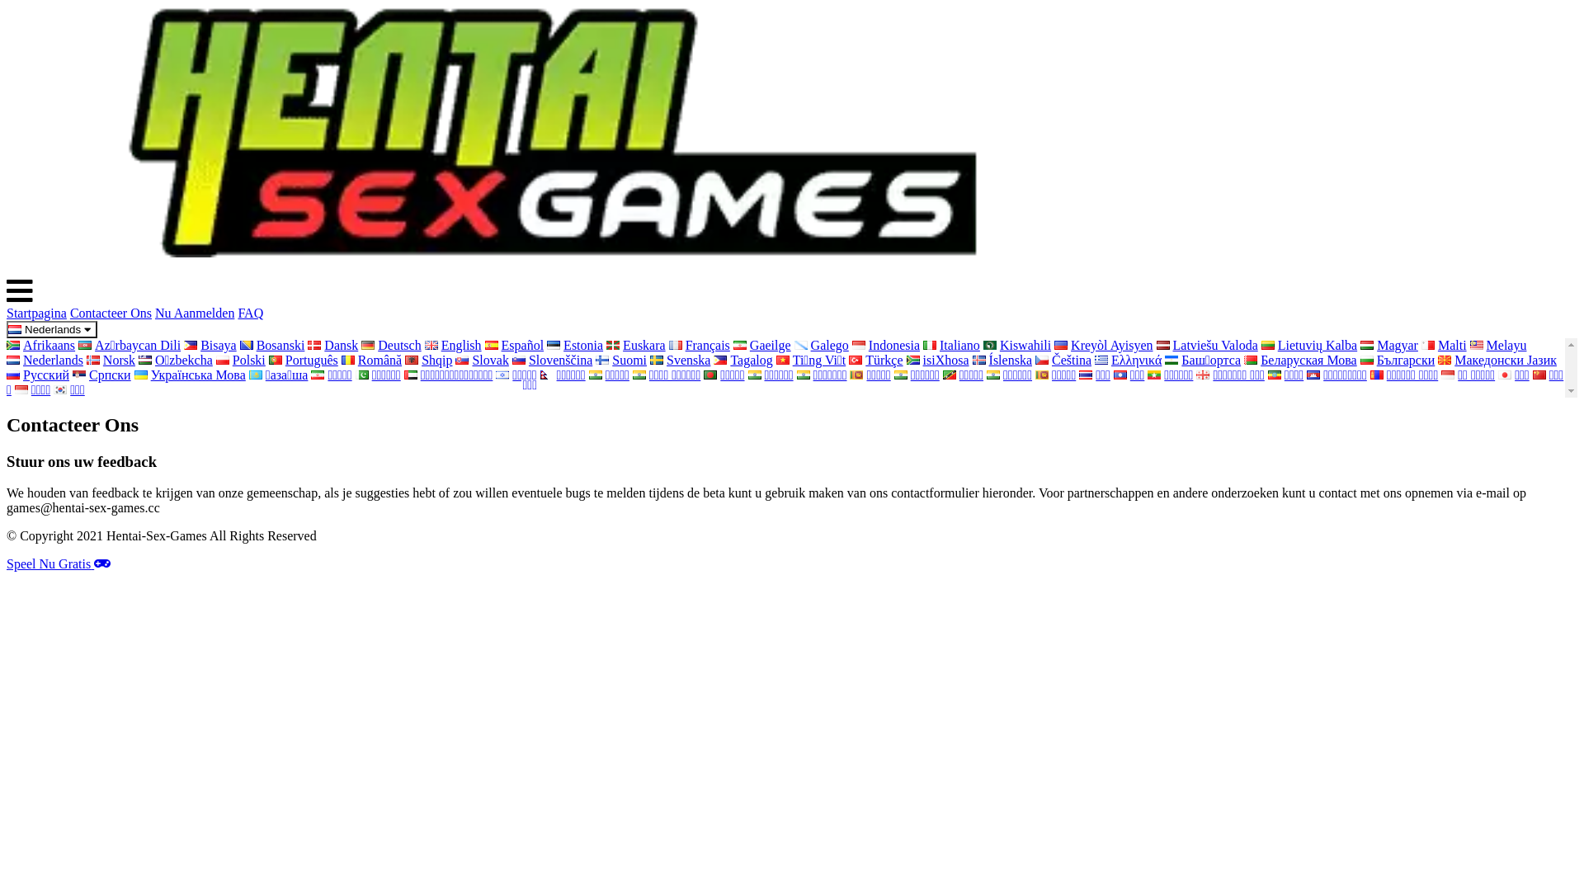 Image resolution: width=1584 pixels, height=891 pixels. I want to click on 'Malti', so click(1443, 344).